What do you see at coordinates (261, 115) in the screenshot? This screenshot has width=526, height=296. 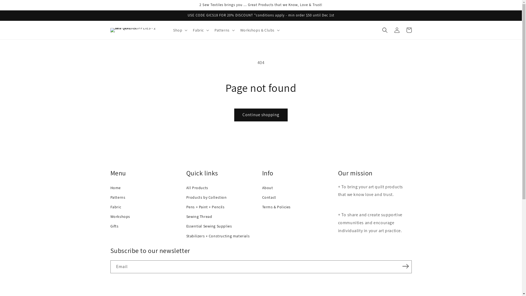 I see `'Continue shopping'` at bounding box center [261, 115].